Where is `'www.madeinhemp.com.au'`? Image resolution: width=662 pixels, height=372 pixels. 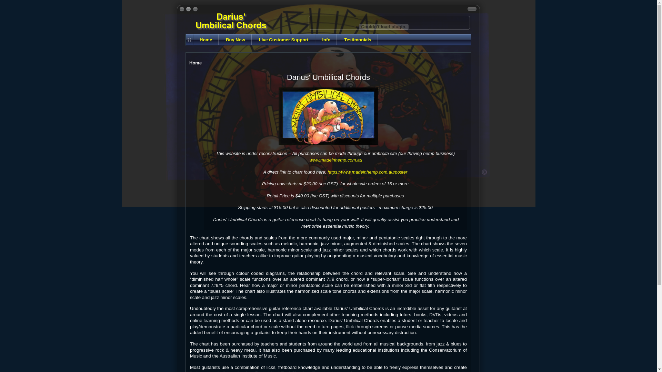
'www.madeinhemp.com.au' is located at coordinates (309, 160).